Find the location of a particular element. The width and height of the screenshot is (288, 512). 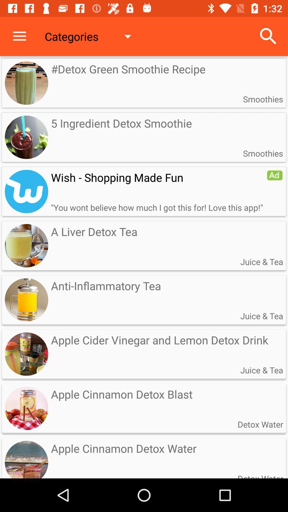

the item to the left of the categories icon is located at coordinates (19, 36).